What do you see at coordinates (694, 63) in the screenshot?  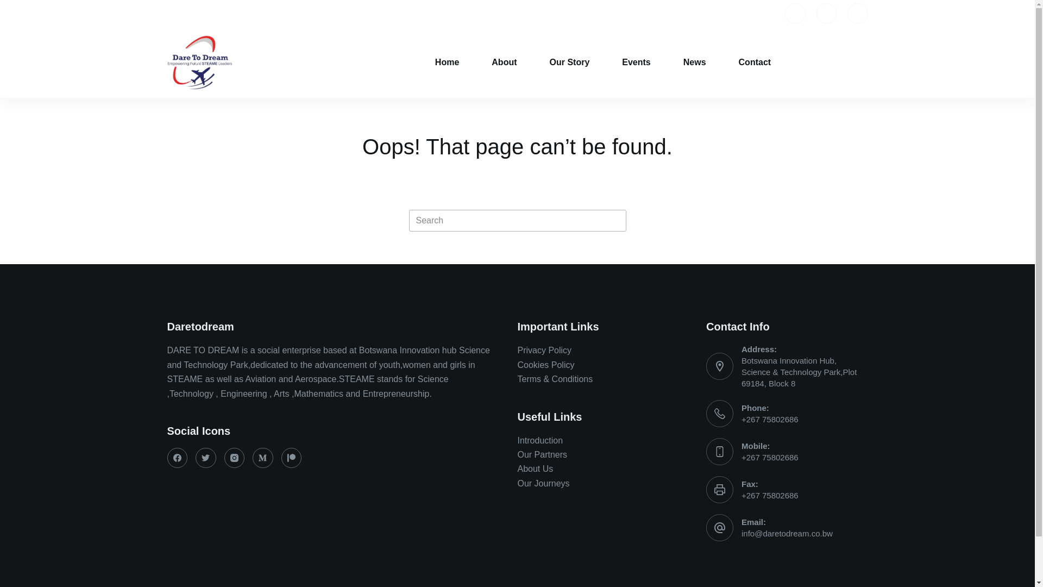 I see `'News'` at bounding box center [694, 63].